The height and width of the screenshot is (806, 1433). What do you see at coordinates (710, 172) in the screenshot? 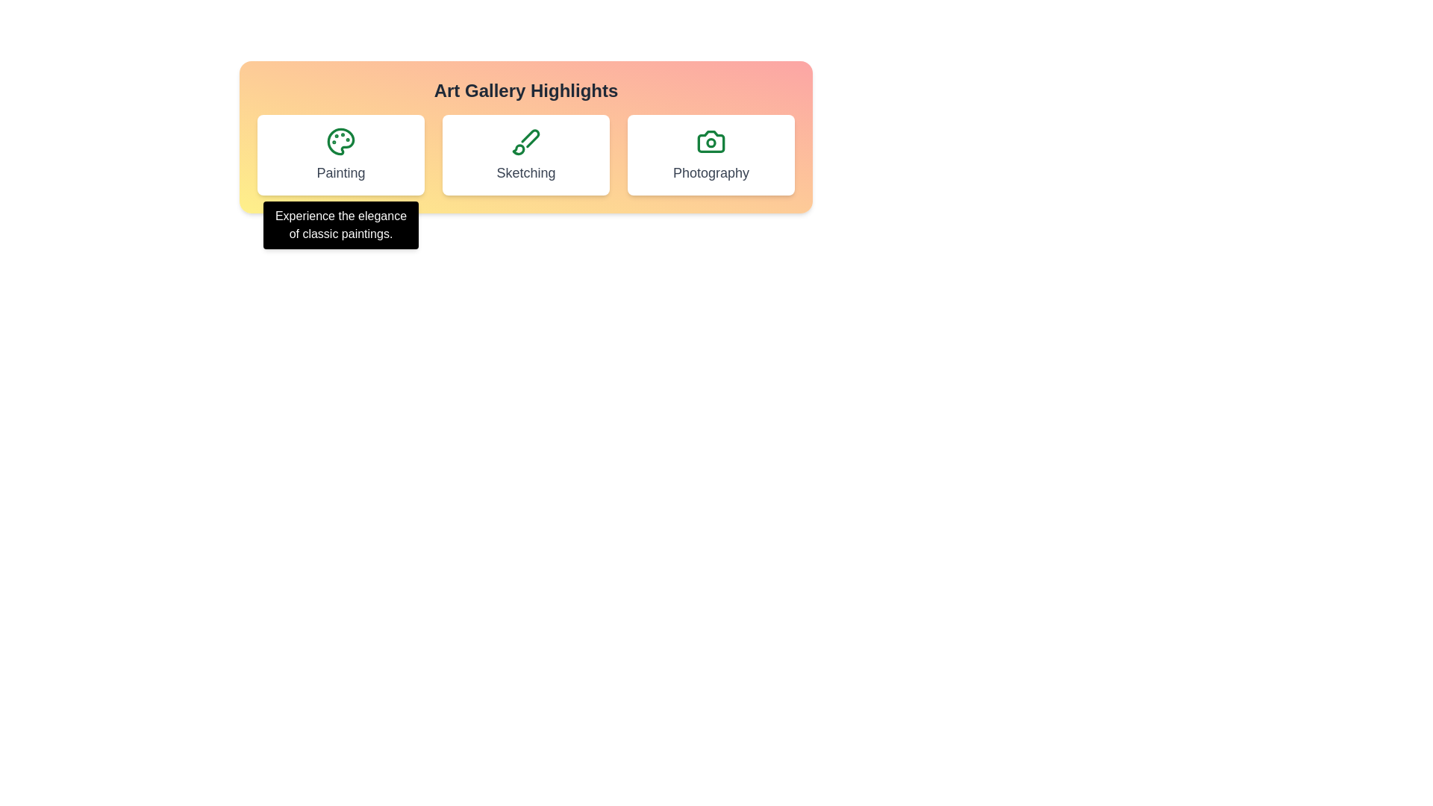
I see `text label indicating 'Photography' located in the third box under 'Art Gallery Highlights', positioned to the right of the 'Sketching' box` at bounding box center [710, 172].